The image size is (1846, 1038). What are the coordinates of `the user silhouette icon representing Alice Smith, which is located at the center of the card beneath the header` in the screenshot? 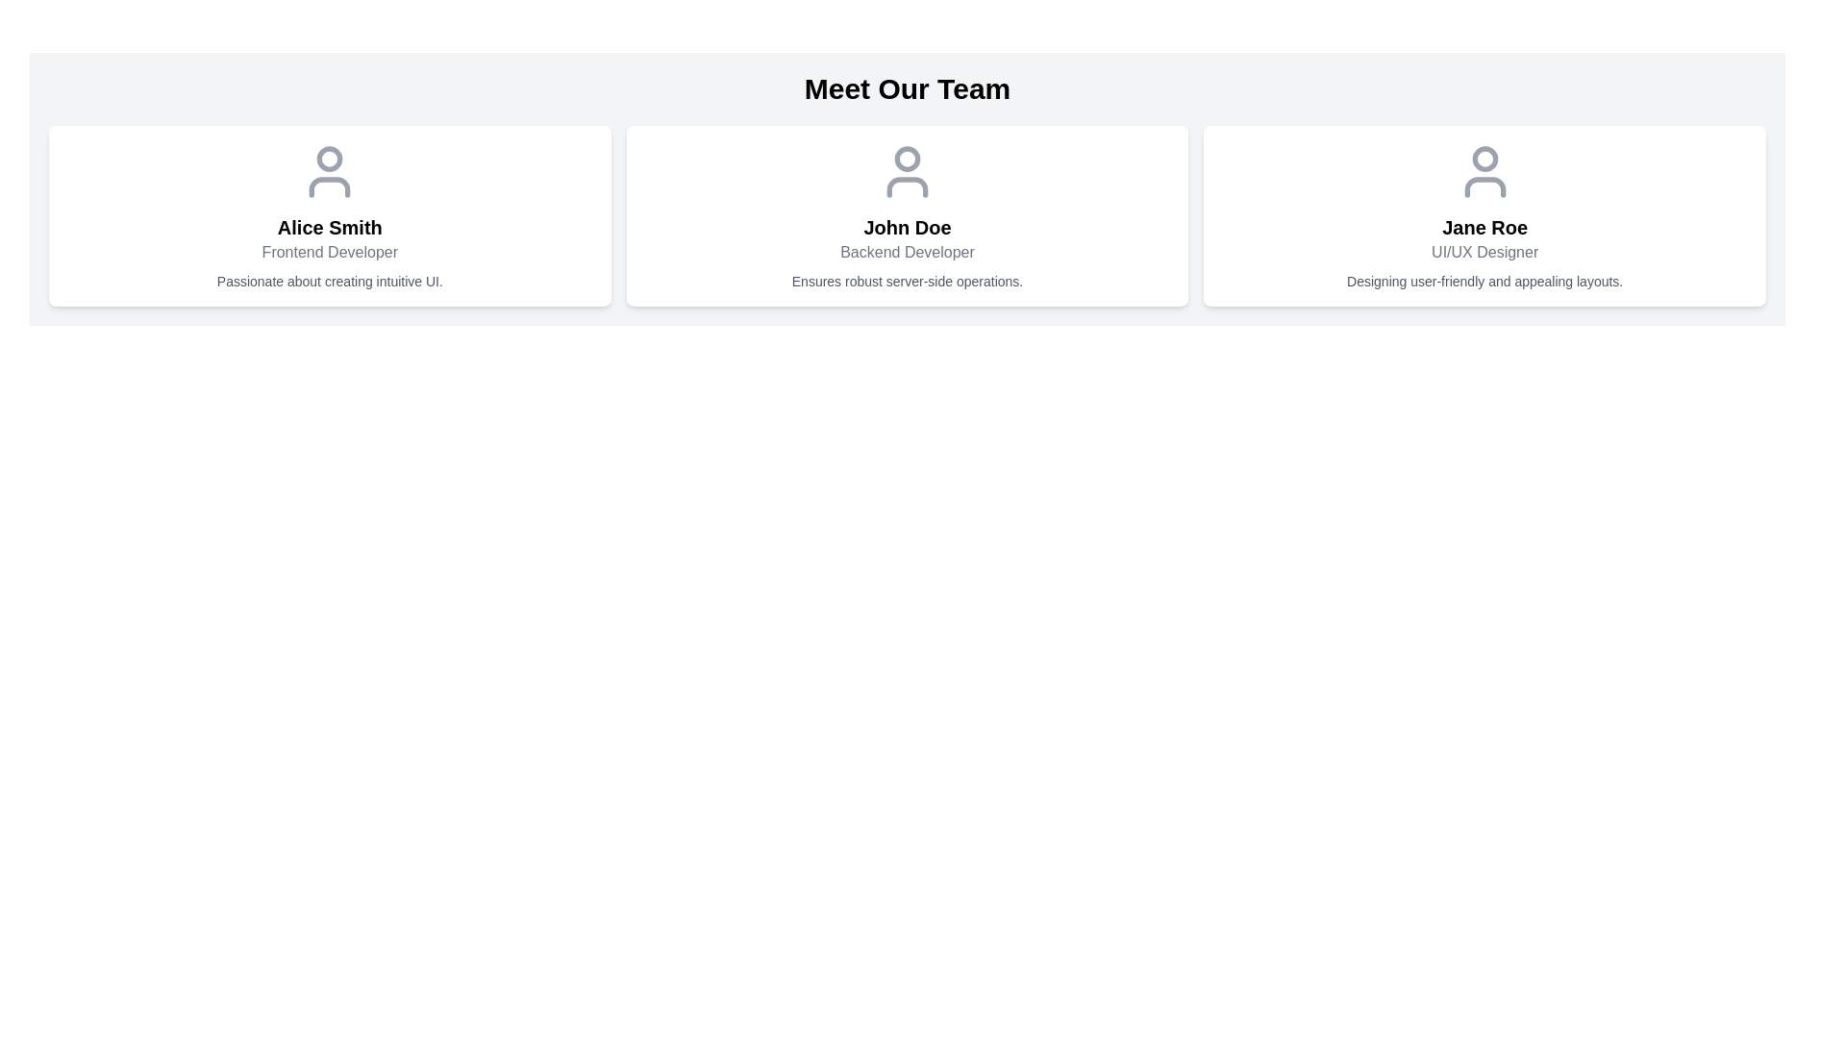 It's located at (330, 170).